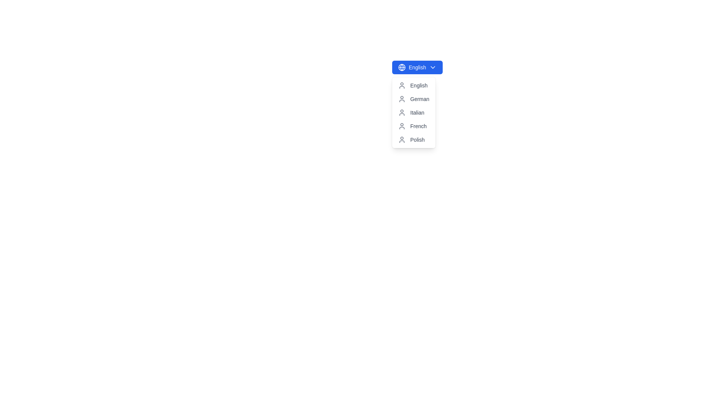 The height and width of the screenshot is (407, 724). Describe the element at coordinates (417, 67) in the screenshot. I see `the language selection dropdown trigger button located at the top left corner of the dropdown menu structure to apply hover effects` at that location.